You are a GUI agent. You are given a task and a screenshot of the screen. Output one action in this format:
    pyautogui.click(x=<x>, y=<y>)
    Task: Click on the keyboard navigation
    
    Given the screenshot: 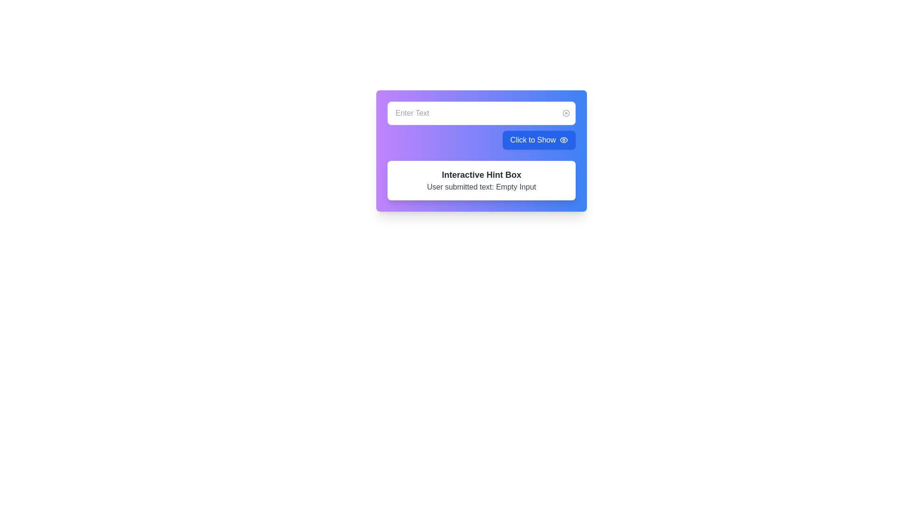 What is the action you would take?
    pyautogui.click(x=564, y=140)
    